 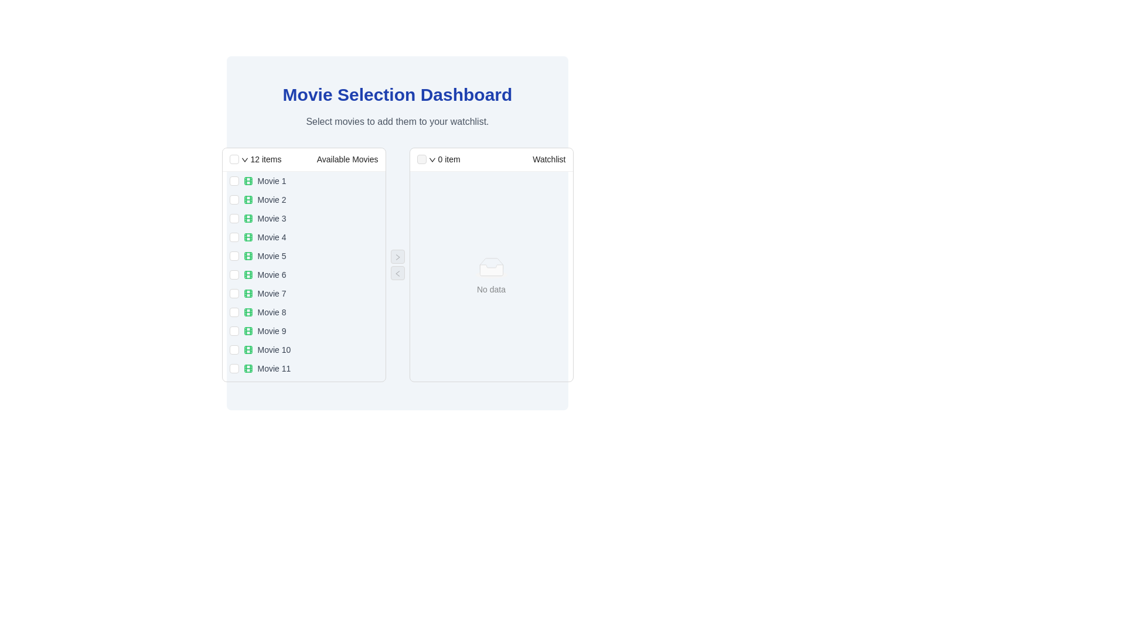 I want to click on the movie item titled 'Movie 6' in the available movies list by clicking on its text label, so click(x=271, y=275).